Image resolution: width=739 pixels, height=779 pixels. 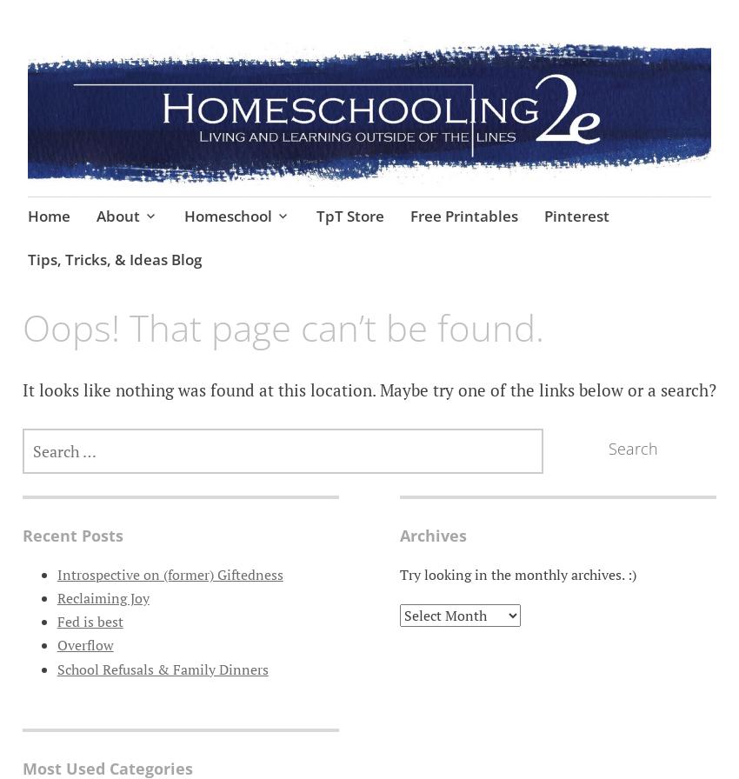 What do you see at coordinates (83, 644) in the screenshot?
I see `'Overflow'` at bounding box center [83, 644].